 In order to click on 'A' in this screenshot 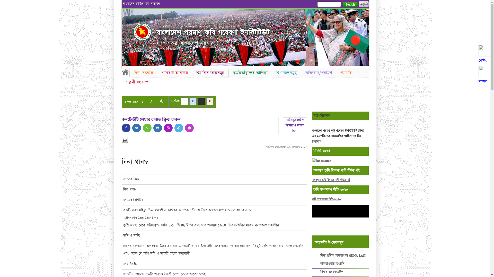, I will do `click(142, 102)`.